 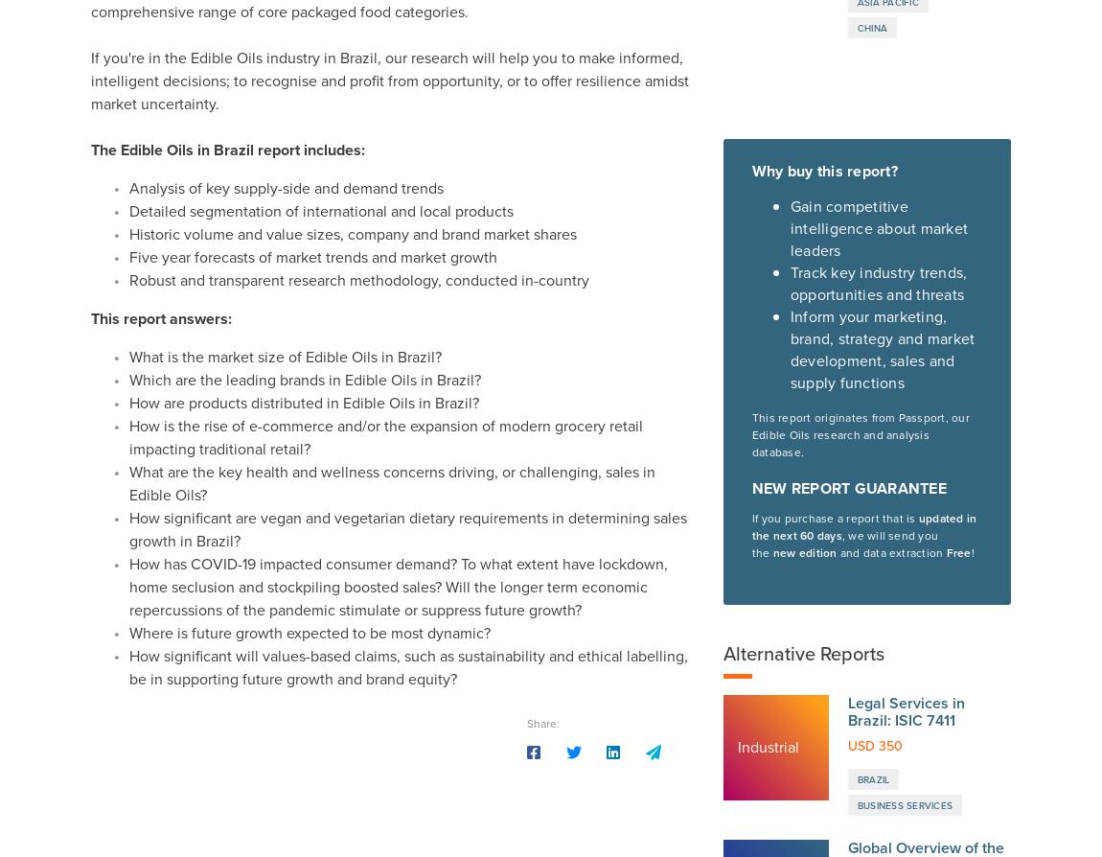 I want to click on 'Textile and Leather Products', so click(x=858, y=512).